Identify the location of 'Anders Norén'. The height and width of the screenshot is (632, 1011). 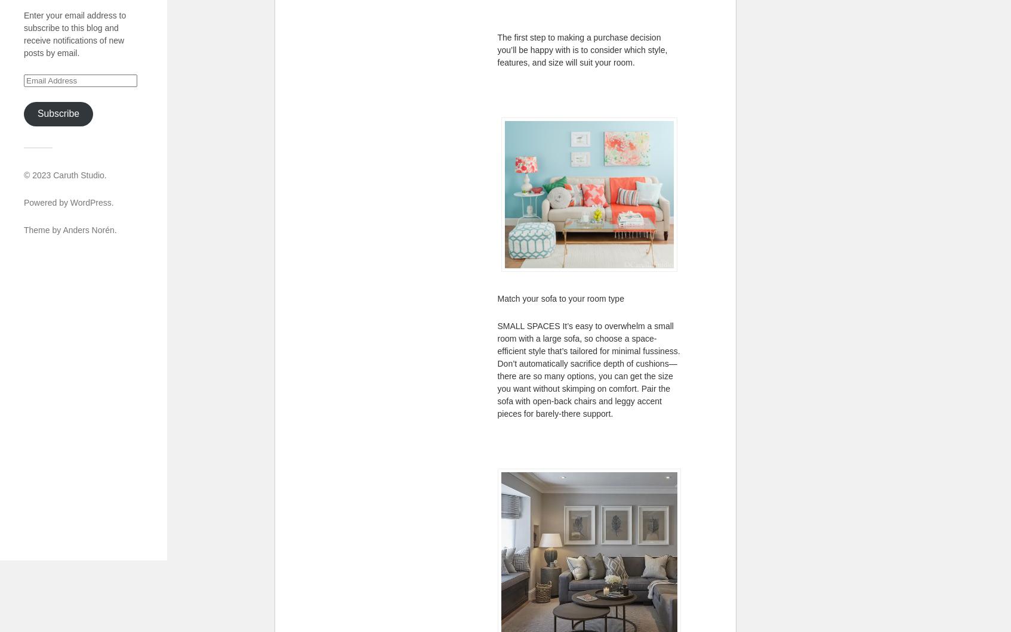
(88, 229).